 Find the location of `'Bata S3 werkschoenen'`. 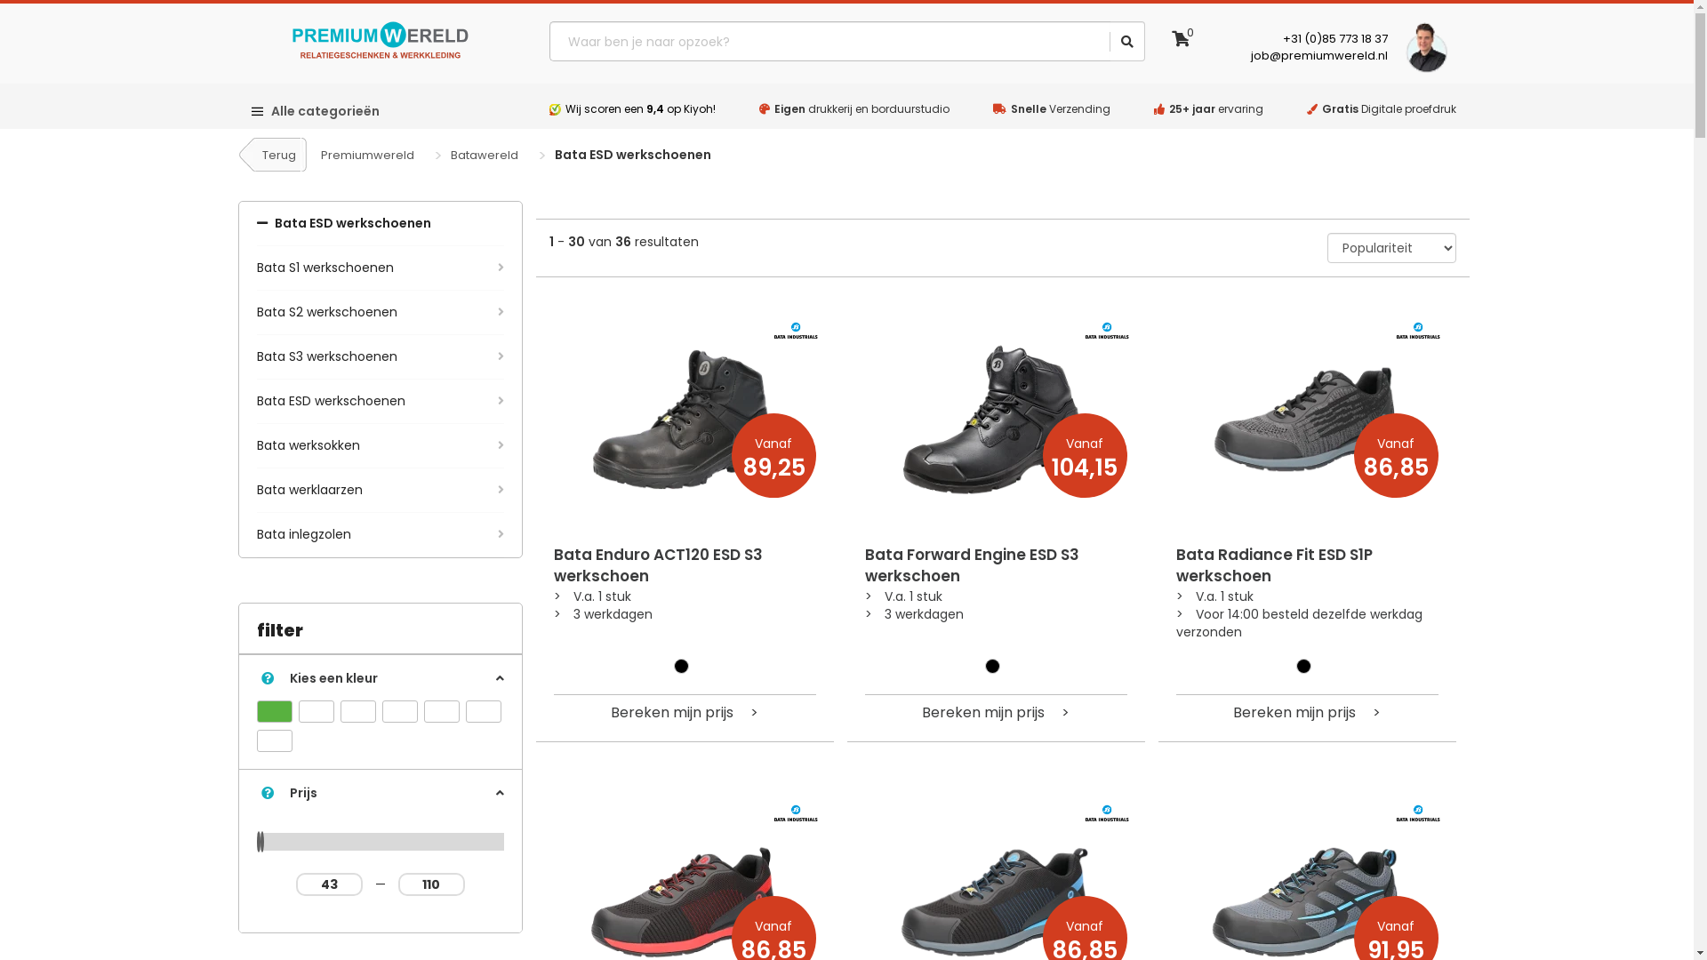

'Bata S3 werkschoenen' is located at coordinates (379, 356).